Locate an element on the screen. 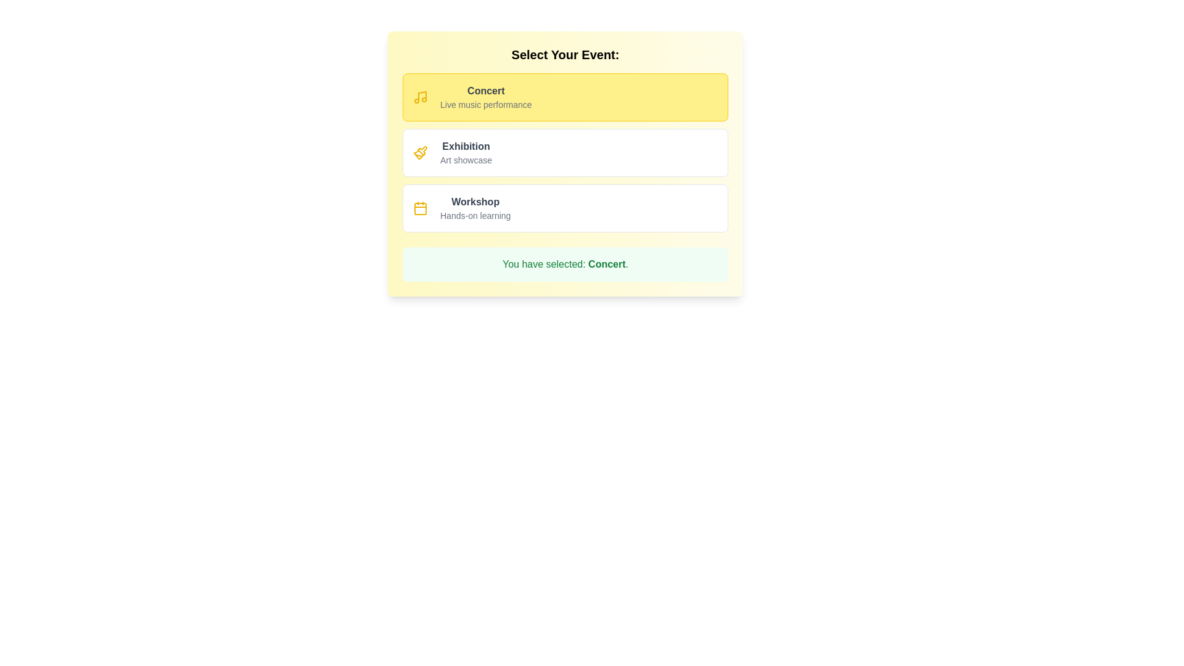 The width and height of the screenshot is (1184, 666). the text display that indicates the type or name of a selectable event option, located in the third rectangular option of the vertical list, positioned below 'Exhibition' is located at coordinates (475, 208).